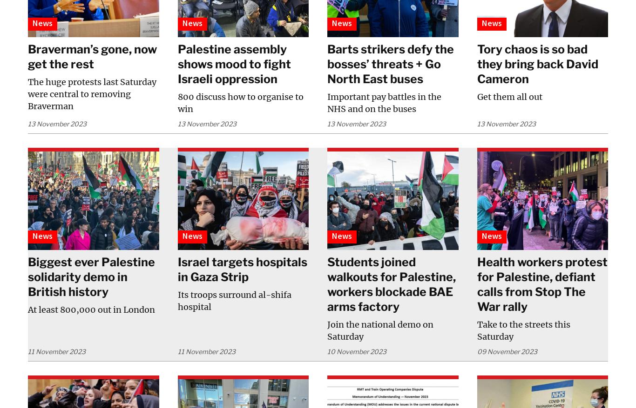  What do you see at coordinates (91, 276) in the screenshot?
I see `'Biggest ever Palestine solidarity demo in British history'` at bounding box center [91, 276].